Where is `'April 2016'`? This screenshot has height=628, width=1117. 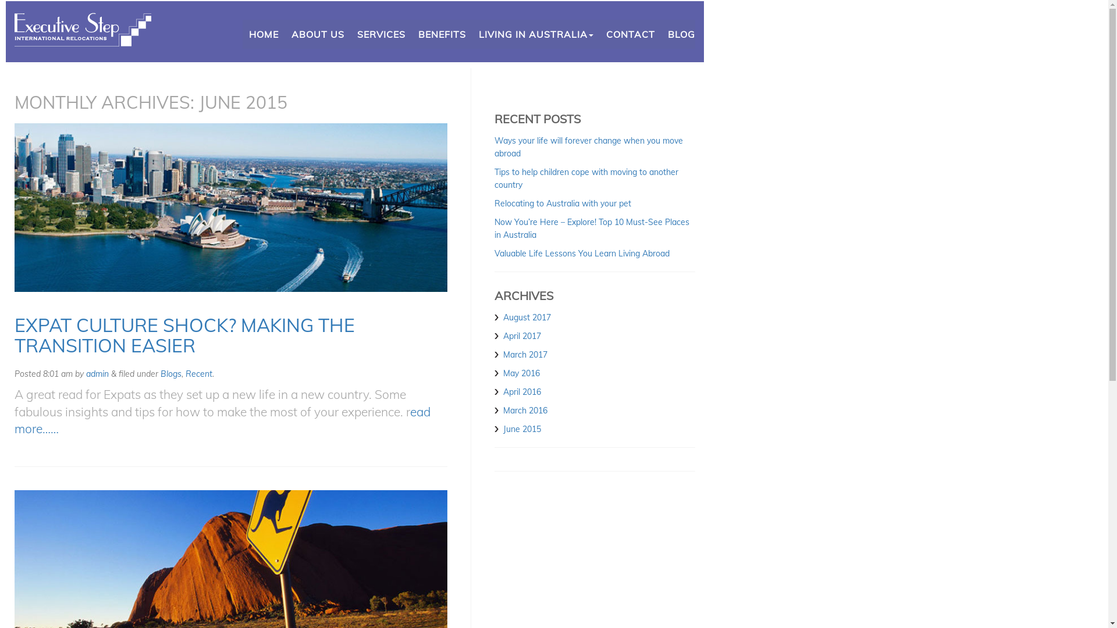 'April 2016' is located at coordinates (521, 392).